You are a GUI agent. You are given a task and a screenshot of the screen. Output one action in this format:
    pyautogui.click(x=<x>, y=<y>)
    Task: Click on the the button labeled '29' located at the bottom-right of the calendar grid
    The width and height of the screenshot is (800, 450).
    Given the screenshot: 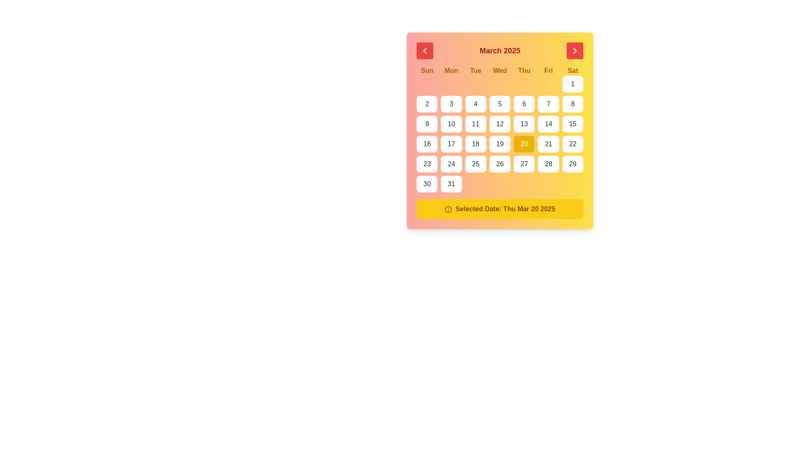 What is the action you would take?
    pyautogui.click(x=572, y=164)
    